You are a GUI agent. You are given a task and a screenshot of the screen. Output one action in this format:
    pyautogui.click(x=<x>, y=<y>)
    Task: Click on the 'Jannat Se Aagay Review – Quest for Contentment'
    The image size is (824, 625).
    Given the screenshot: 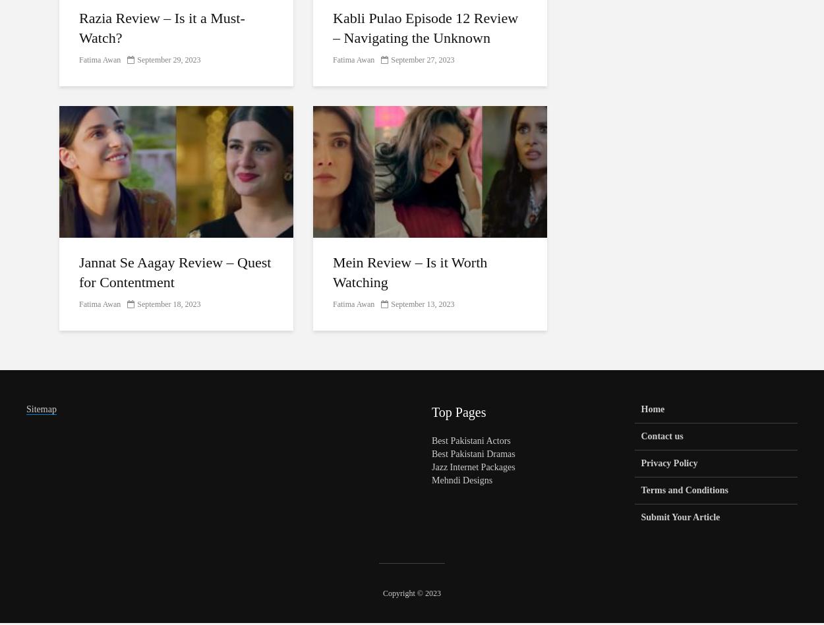 What is the action you would take?
    pyautogui.click(x=175, y=272)
    